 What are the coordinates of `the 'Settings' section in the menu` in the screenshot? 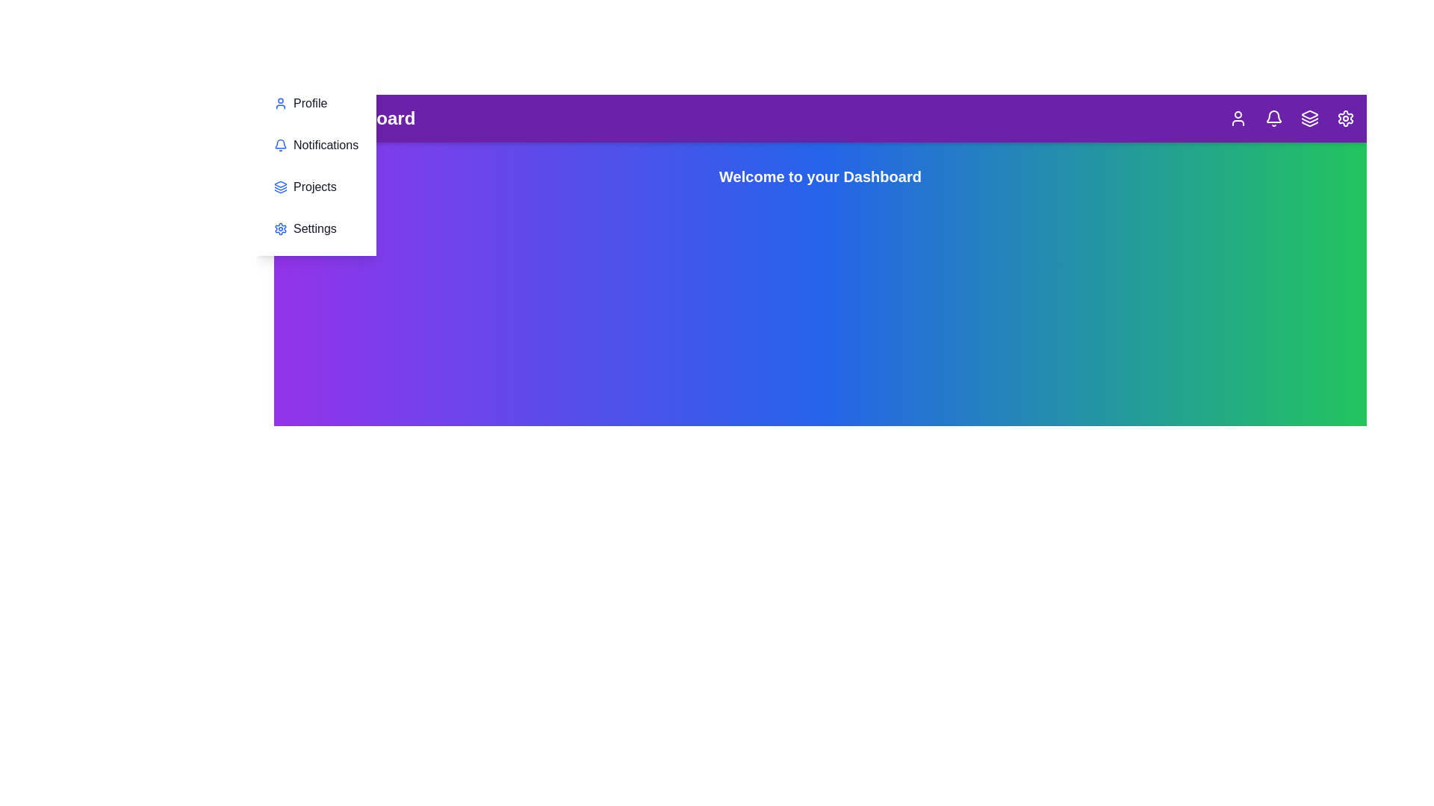 It's located at (314, 229).